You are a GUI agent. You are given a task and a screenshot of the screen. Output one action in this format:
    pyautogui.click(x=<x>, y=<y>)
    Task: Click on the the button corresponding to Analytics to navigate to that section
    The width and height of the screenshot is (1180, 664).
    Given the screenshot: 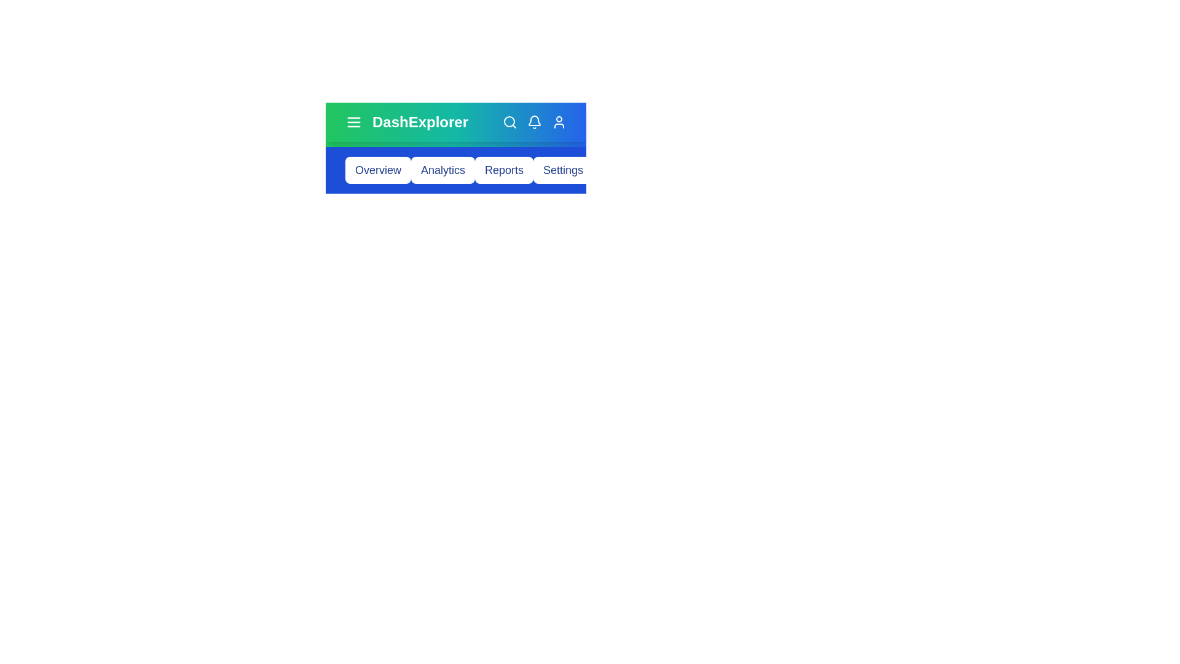 What is the action you would take?
    pyautogui.click(x=442, y=170)
    